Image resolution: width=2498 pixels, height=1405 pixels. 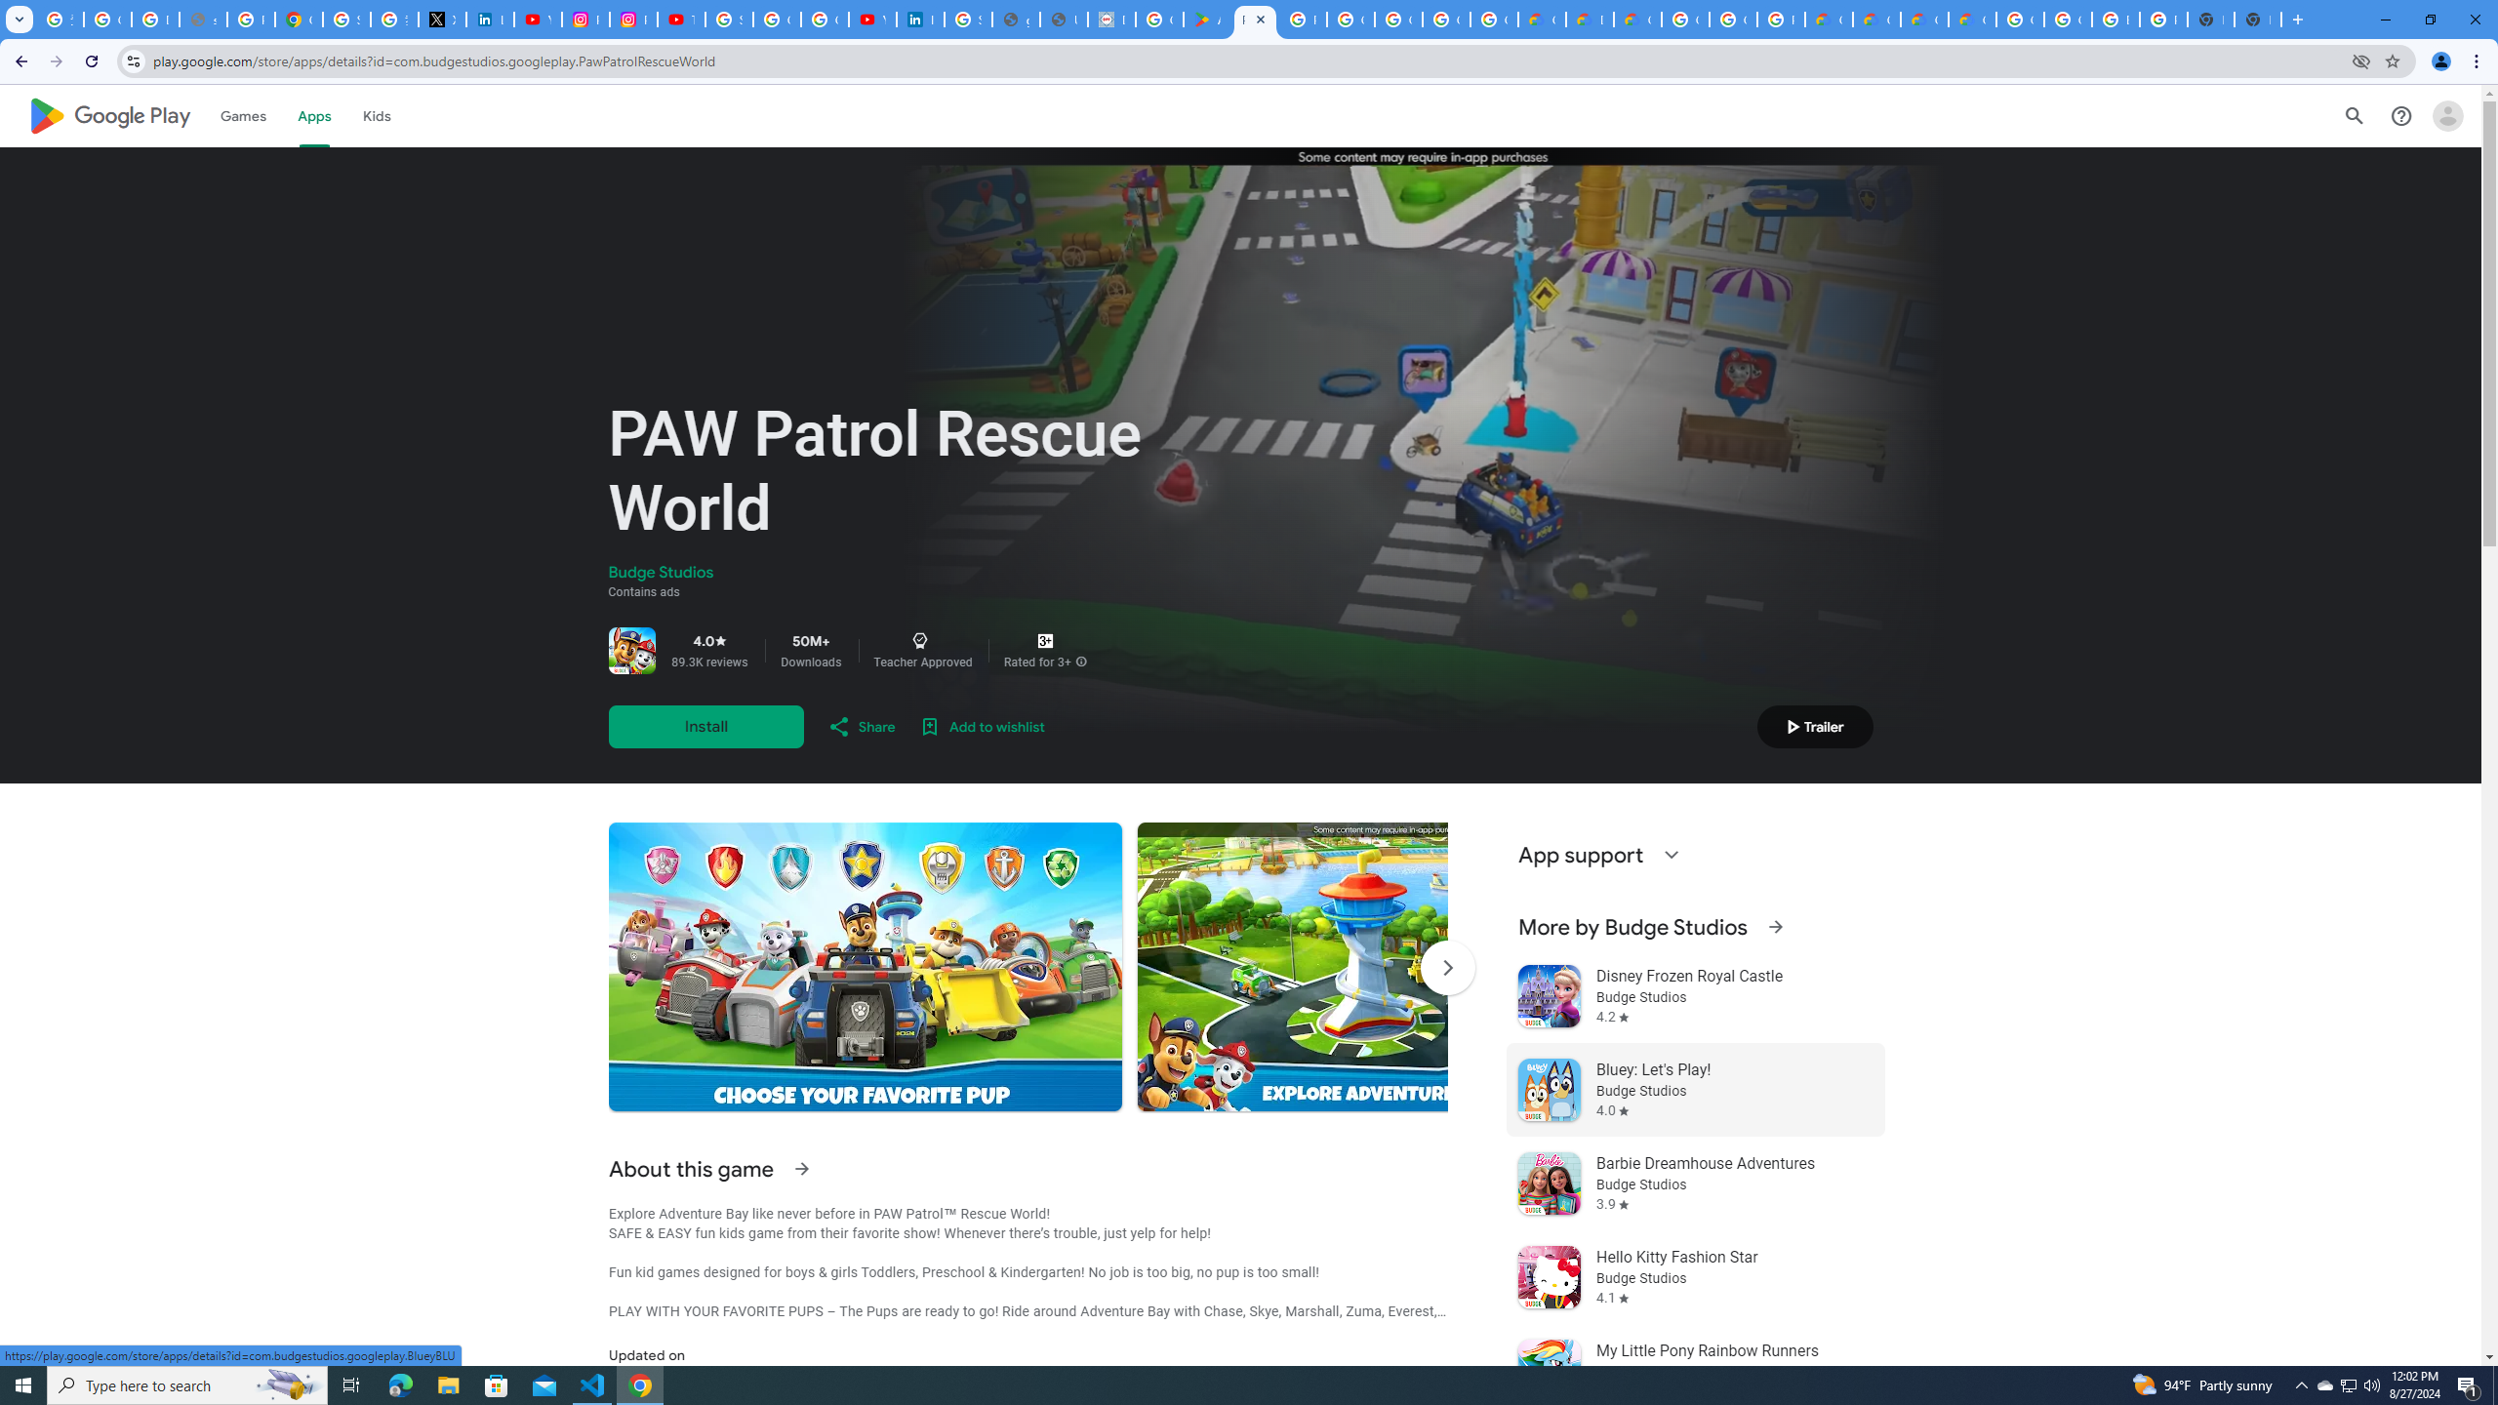 I want to click on 'Sign in - Google Accounts', so click(x=345, y=19).